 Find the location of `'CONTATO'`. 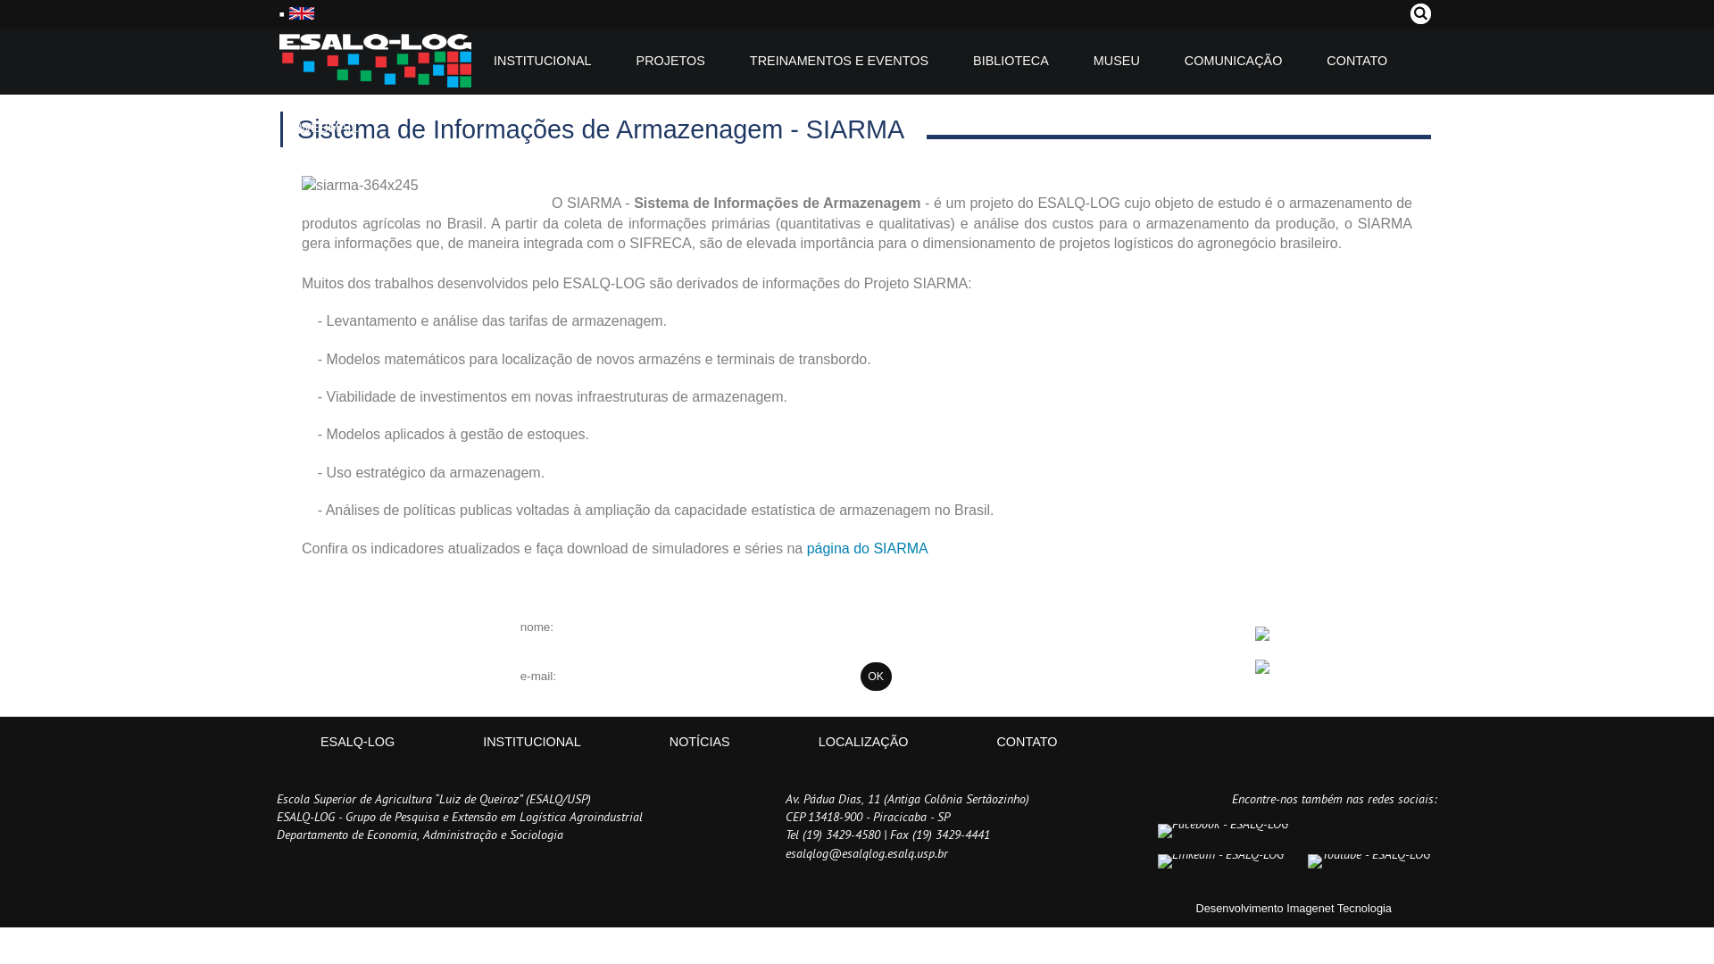

'CONTATO' is located at coordinates (1027, 741).